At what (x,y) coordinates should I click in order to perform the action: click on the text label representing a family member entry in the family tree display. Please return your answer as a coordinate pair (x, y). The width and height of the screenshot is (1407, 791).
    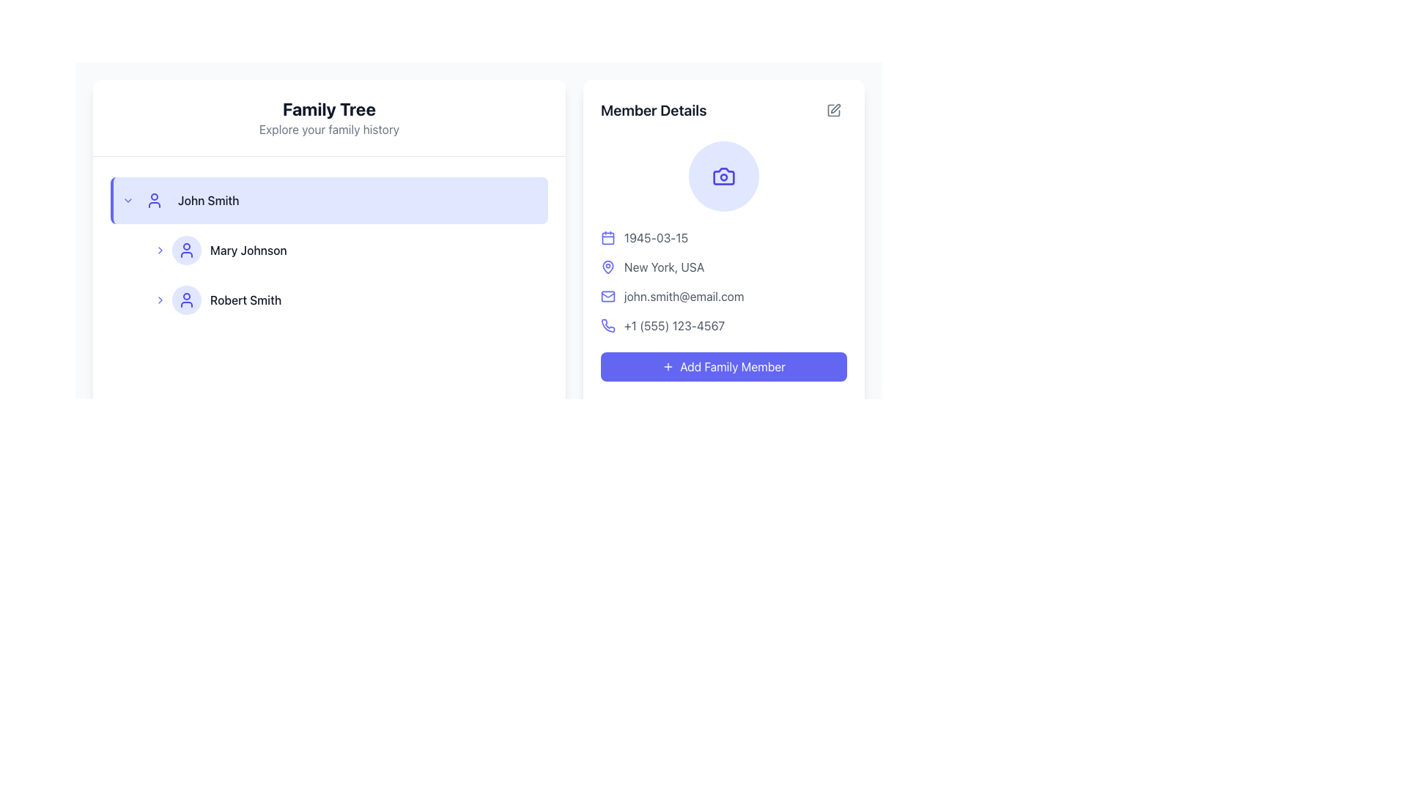
    Looking at the image, I should click on (245, 299).